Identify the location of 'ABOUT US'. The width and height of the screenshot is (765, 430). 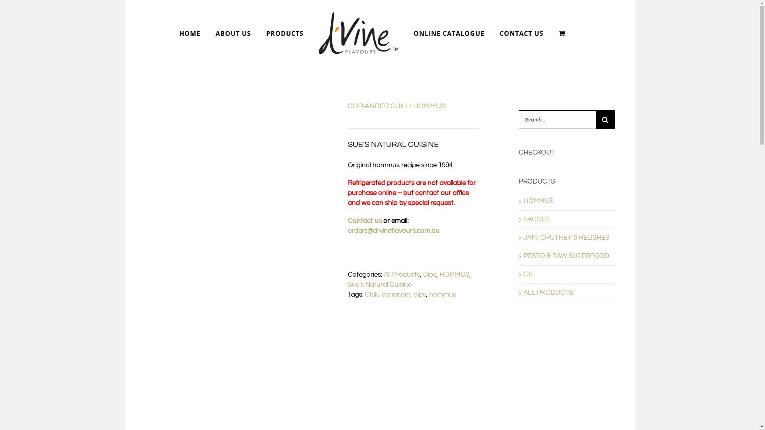
(232, 33).